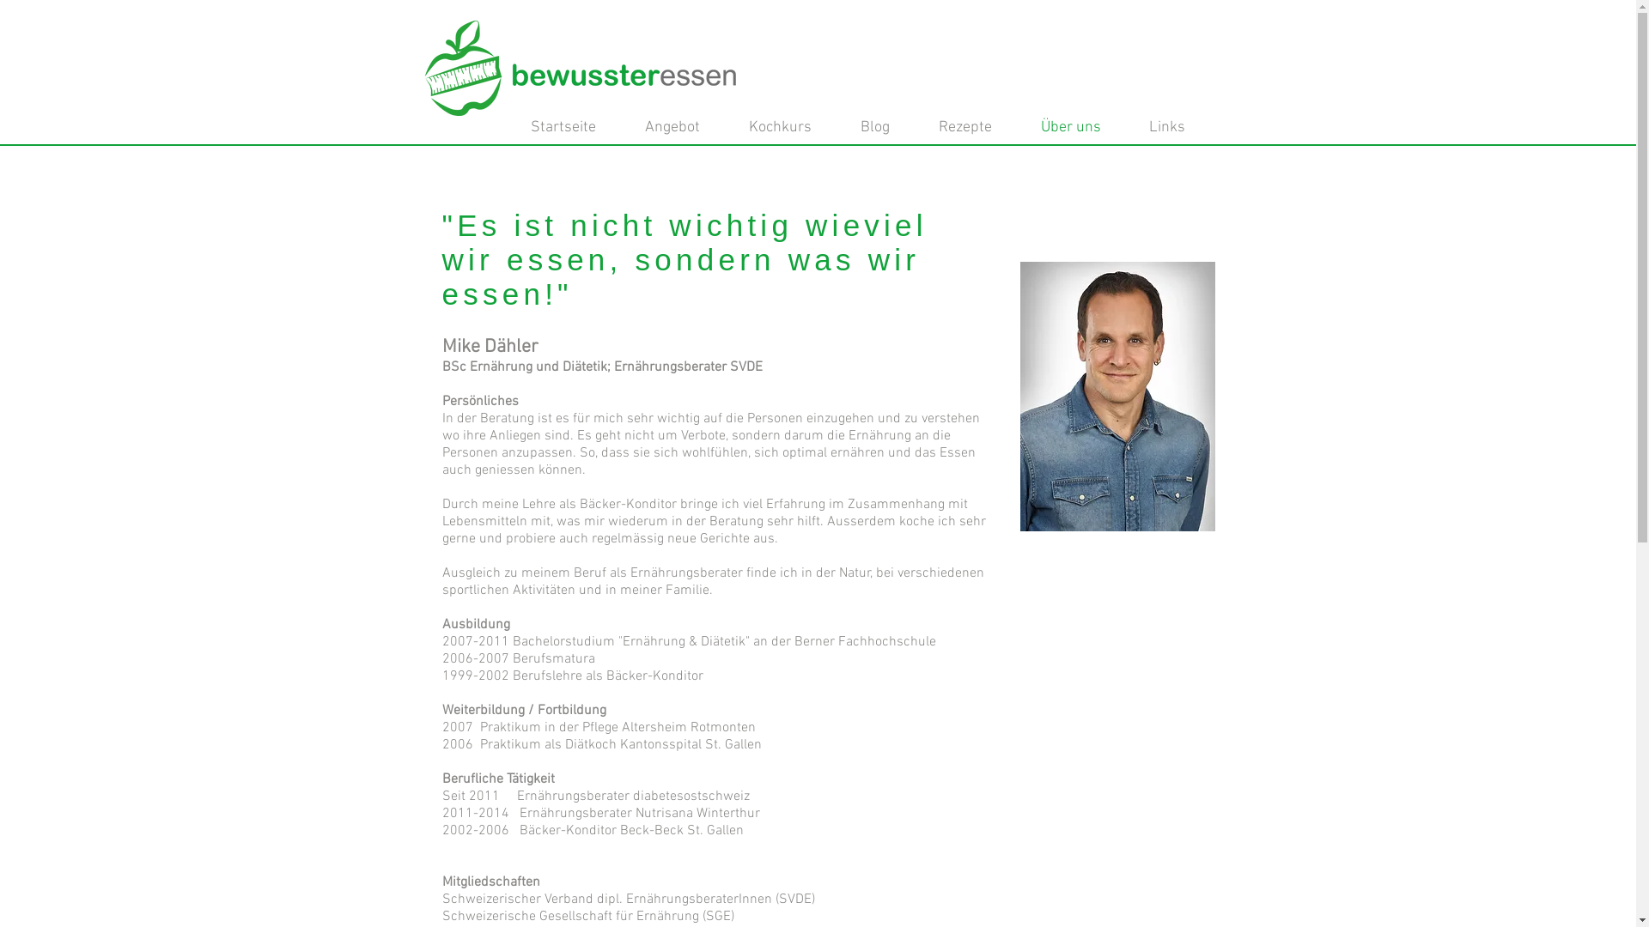 The height and width of the screenshot is (927, 1649). I want to click on 'Blog', so click(882, 127).